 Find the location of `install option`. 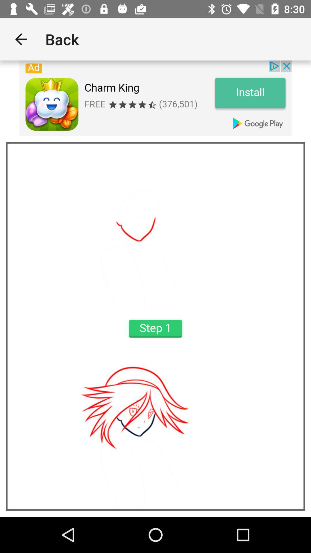

install option is located at coordinates (155, 98).